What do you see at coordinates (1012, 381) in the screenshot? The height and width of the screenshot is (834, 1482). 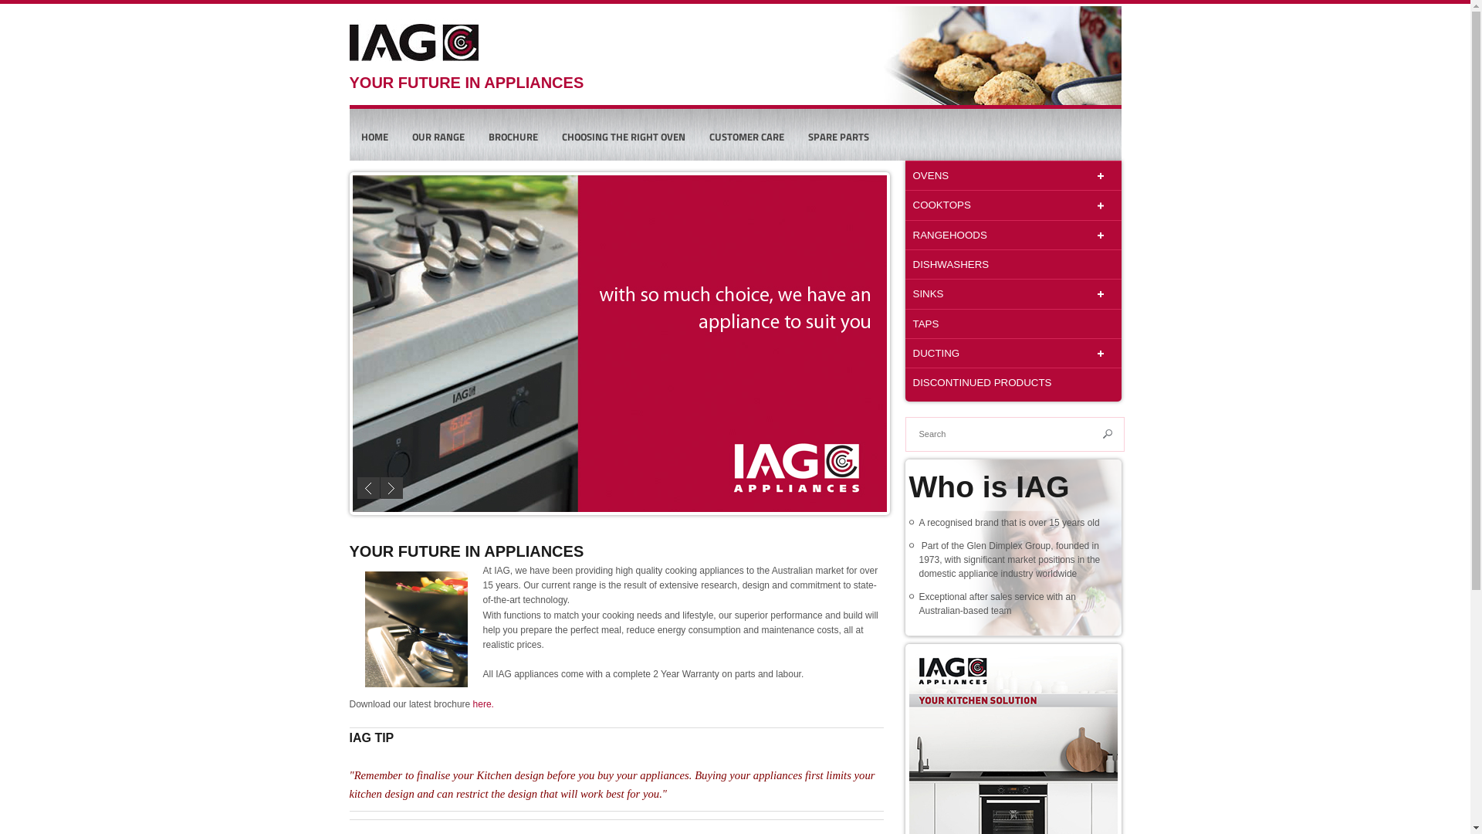 I see `'DISCONTINUED PRODUCTS'` at bounding box center [1012, 381].